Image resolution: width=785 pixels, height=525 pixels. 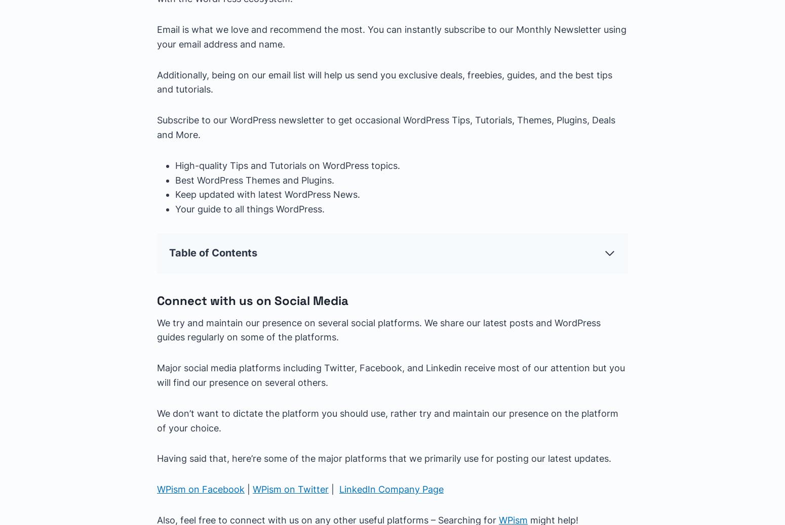 I want to click on 'Connect with us on Social Media', so click(x=252, y=299).